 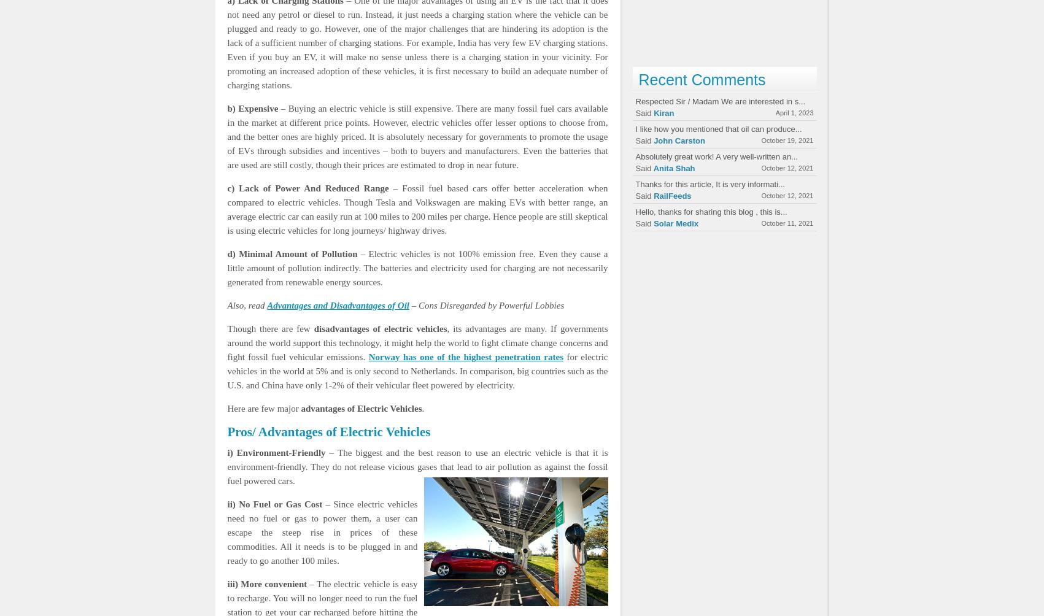 I want to click on 'for electric vehicles in the world at 5% and is only second to Netherlands. In comparison, big countries such as the U.S. and China have only 1-2% of their vehicular fleet powered by electricity.', so click(x=417, y=371).